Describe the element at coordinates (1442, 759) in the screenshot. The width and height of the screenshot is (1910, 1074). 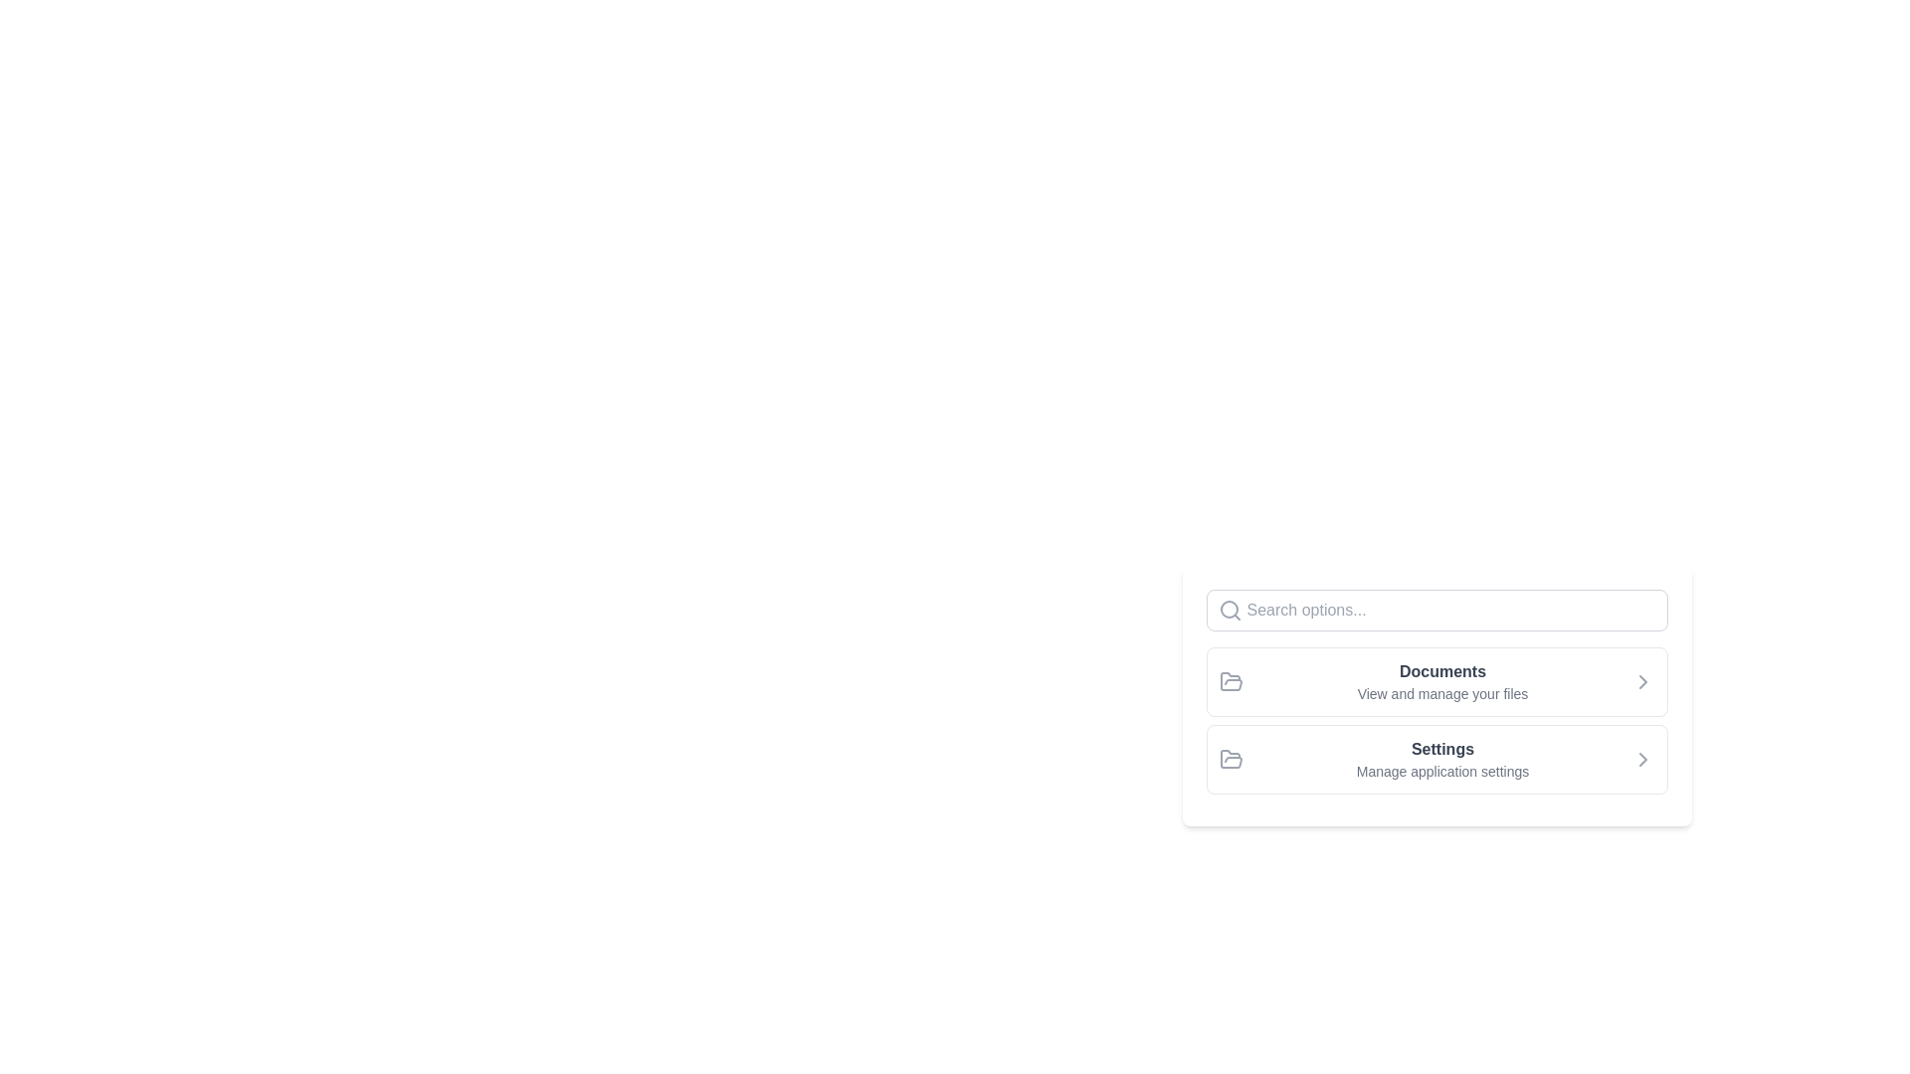
I see `the navigational menu item in the second row of the vertical list` at that location.